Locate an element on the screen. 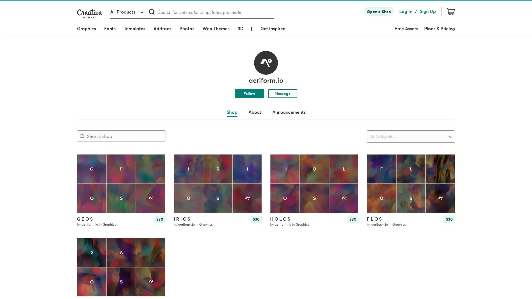 This screenshot has width=532, height=299. Save is located at coordinates (446, 171).